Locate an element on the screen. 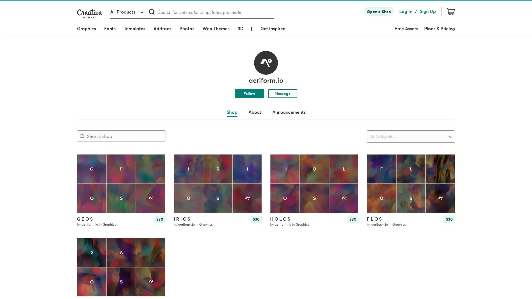 This screenshot has width=532, height=299. Save is located at coordinates (446, 171).